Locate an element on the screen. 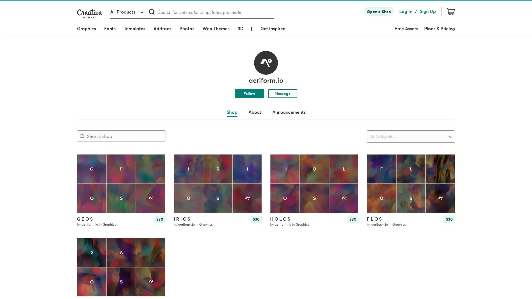 This screenshot has width=532, height=299. Save is located at coordinates (446, 171).